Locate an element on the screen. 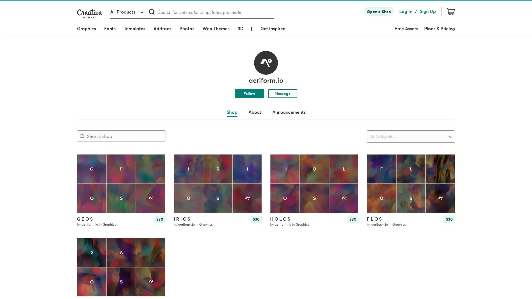 This screenshot has width=532, height=299. Save is located at coordinates (446, 171).